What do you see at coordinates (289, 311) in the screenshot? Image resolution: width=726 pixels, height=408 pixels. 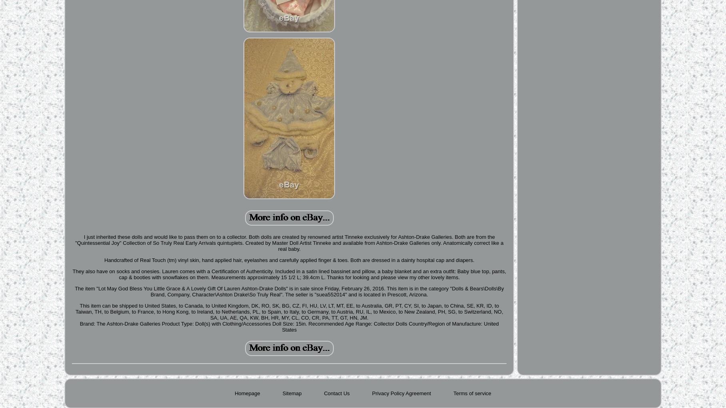 I see `'This item can be shipped to United States, to Canada, to United Kingdom, DK, RO, SK, BG, CZ, FI, HU, LV, LT, MT, EE, to Australia, GR, PT, CY, SI, to Japan, to China, SE, KR, ID, to Taiwan, TH, to Belgium, to France, to Hong Kong, to Ireland, to Netherlands, PL, to Spain, to Italy, to Germany, to Austria, RU, IL, to Mexico, to New Zealand, PH, SG, to Switzerland, NO, SA, UA, AE, QA, KW, BH, HR, MY, CL, CO, CR, PA, TT, GT, HN, JM.'` at bounding box center [289, 311].